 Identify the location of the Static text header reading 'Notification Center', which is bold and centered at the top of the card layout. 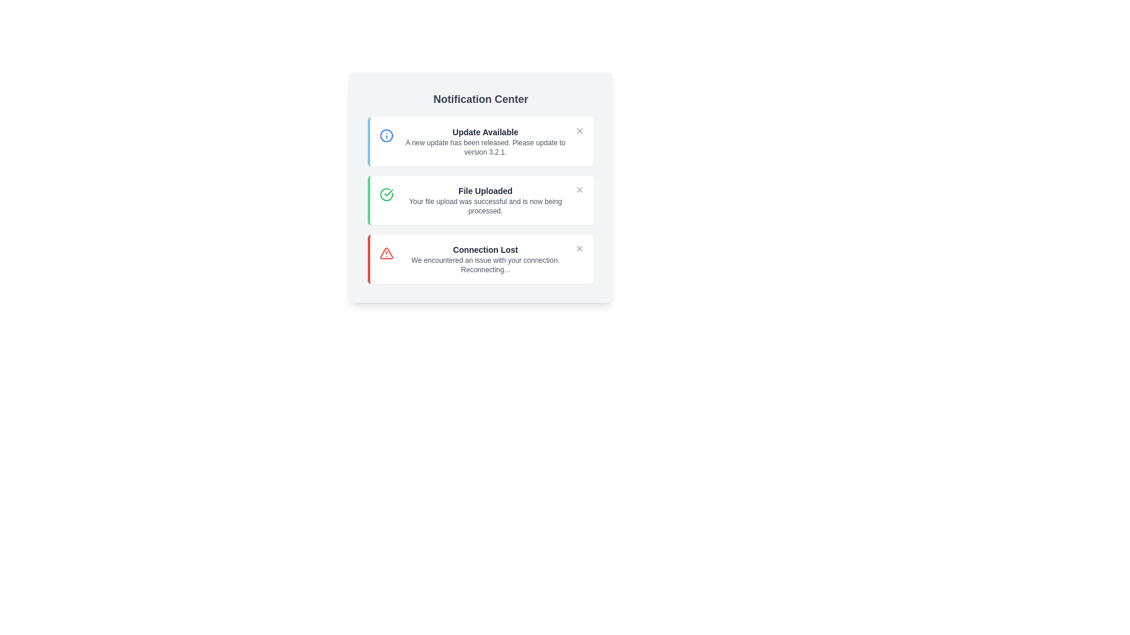
(480, 99).